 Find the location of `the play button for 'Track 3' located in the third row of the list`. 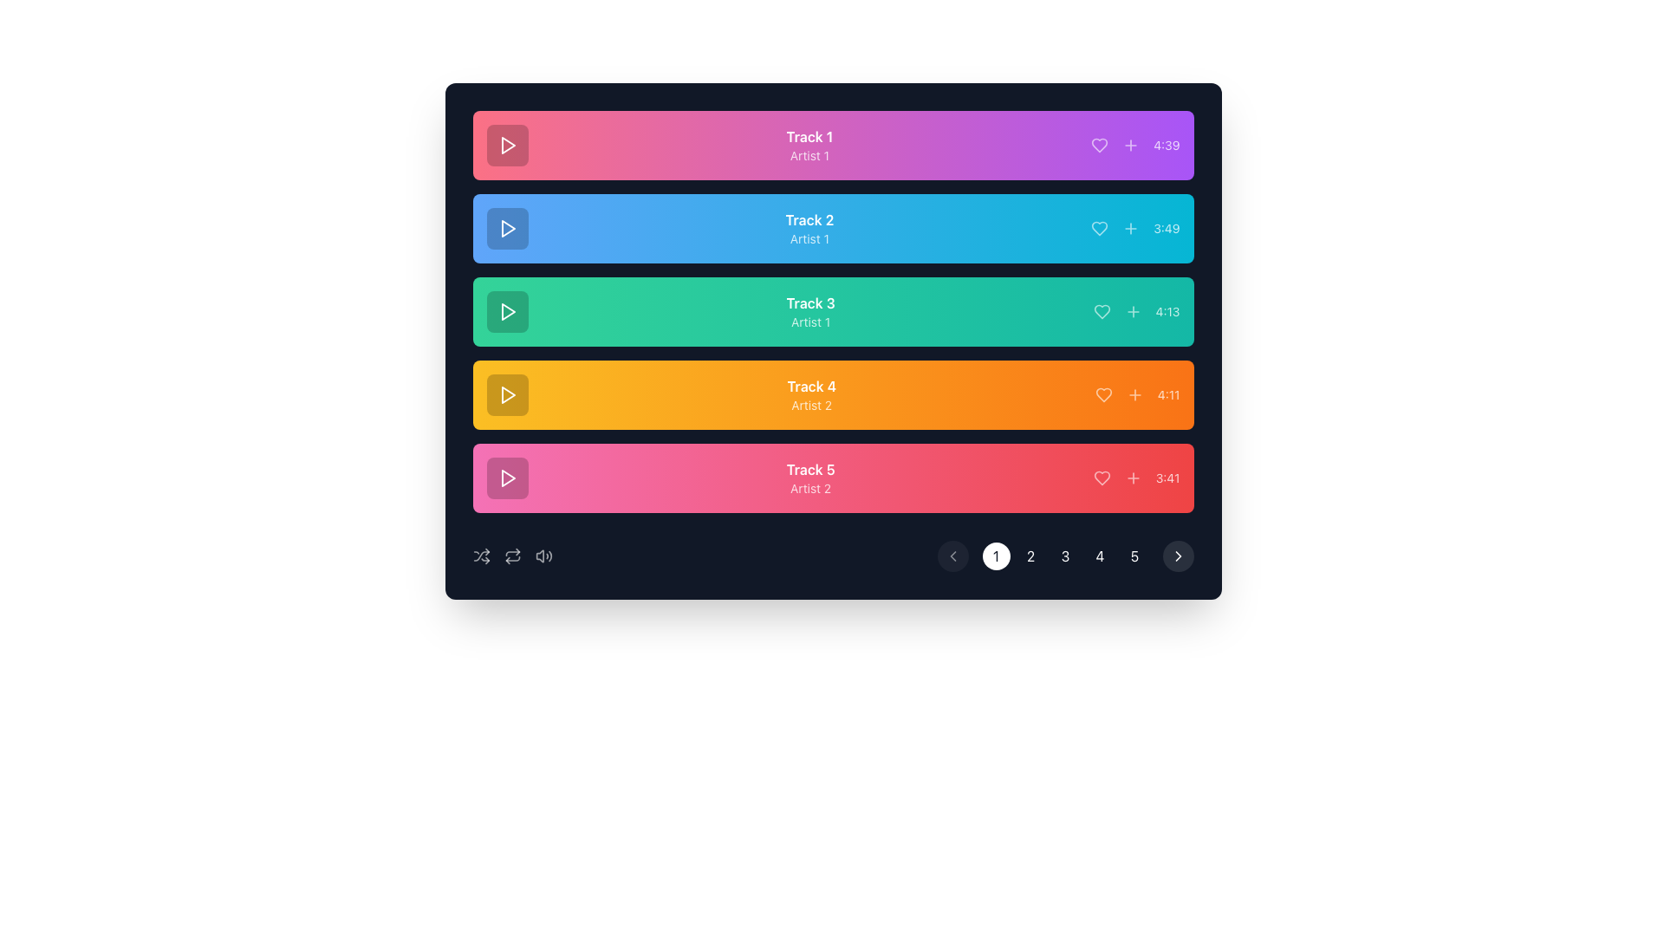

the play button for 'Track 3' located in the third row of the list is located at coordinates (507, 310).